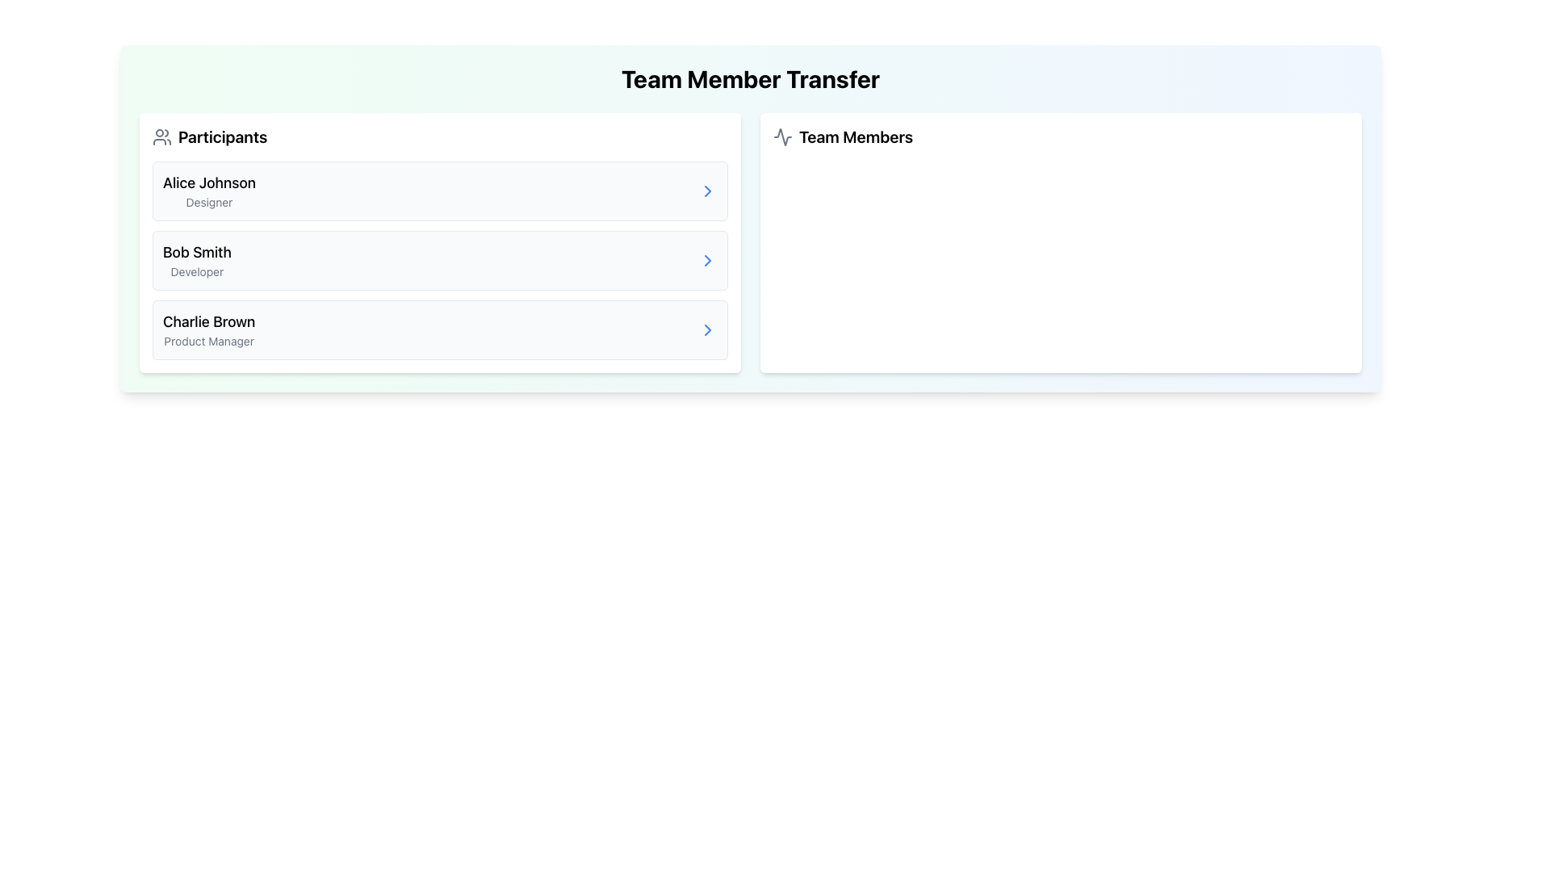 The height and width of the screenshot is (872, 1550). I want to click on the static text label that describes 'Bob Smith' as a 'Developer', located below the 'Bob Smith' text in the 'Participants' section, so click(196, 270).